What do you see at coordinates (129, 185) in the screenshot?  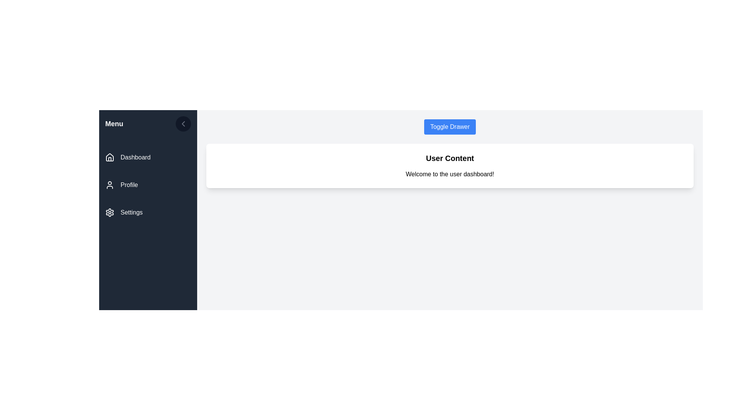 I see `the text label displaying 'Profile' in the vertical navigation menu on the left side of the interface` at bounding box center [129, 185].